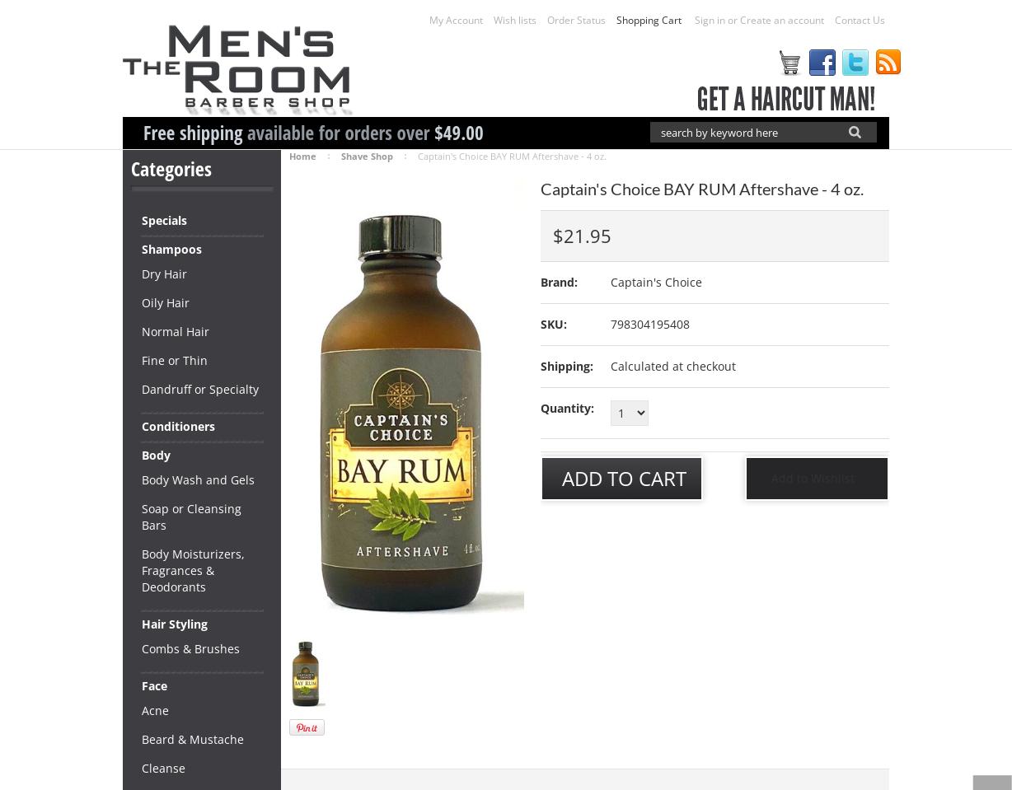 This screenshot has height=790, width=1012. Describe the element at coordinates (493, 19) in the screenshot. I see `'Wish lists'` at that location.